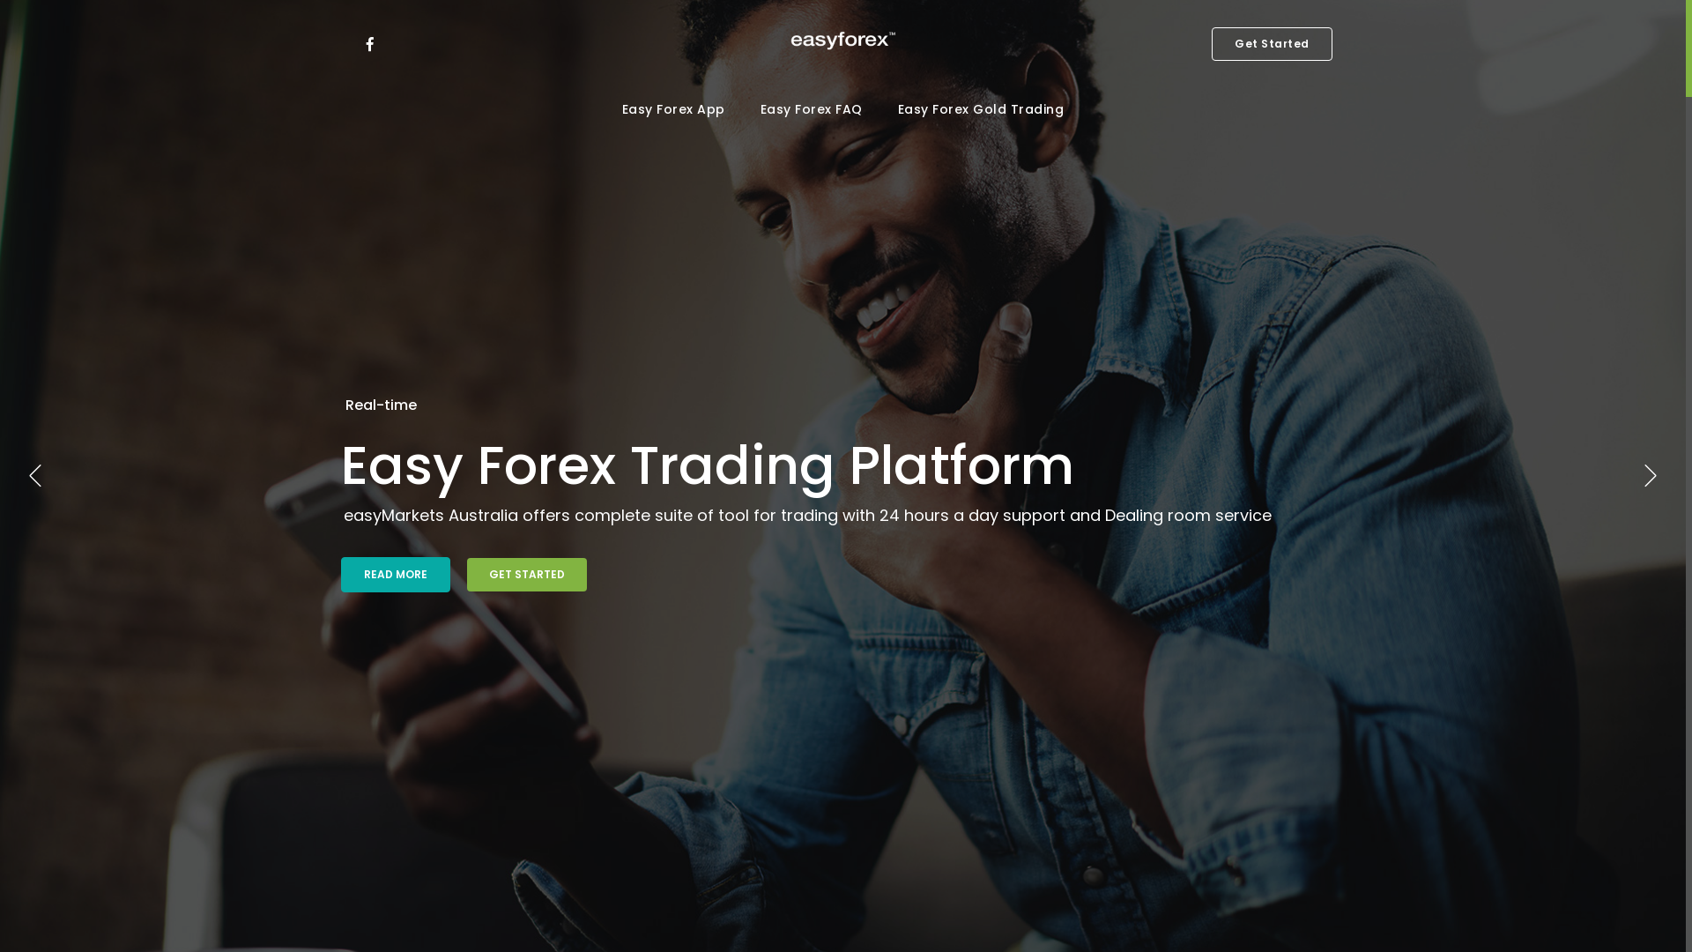  Describe the element at coordinates (621, 109) in the screenshot. I see `'Easy Forex App'` at that location.